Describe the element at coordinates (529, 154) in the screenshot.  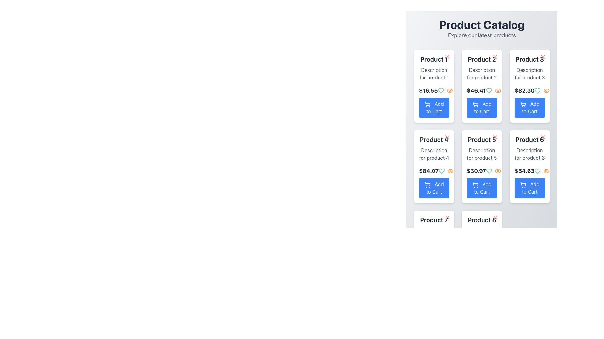
I see `the text block displaying 'Description for product 6' within the card for Product 6, located in the third column and second row of the grid layout` at that location.